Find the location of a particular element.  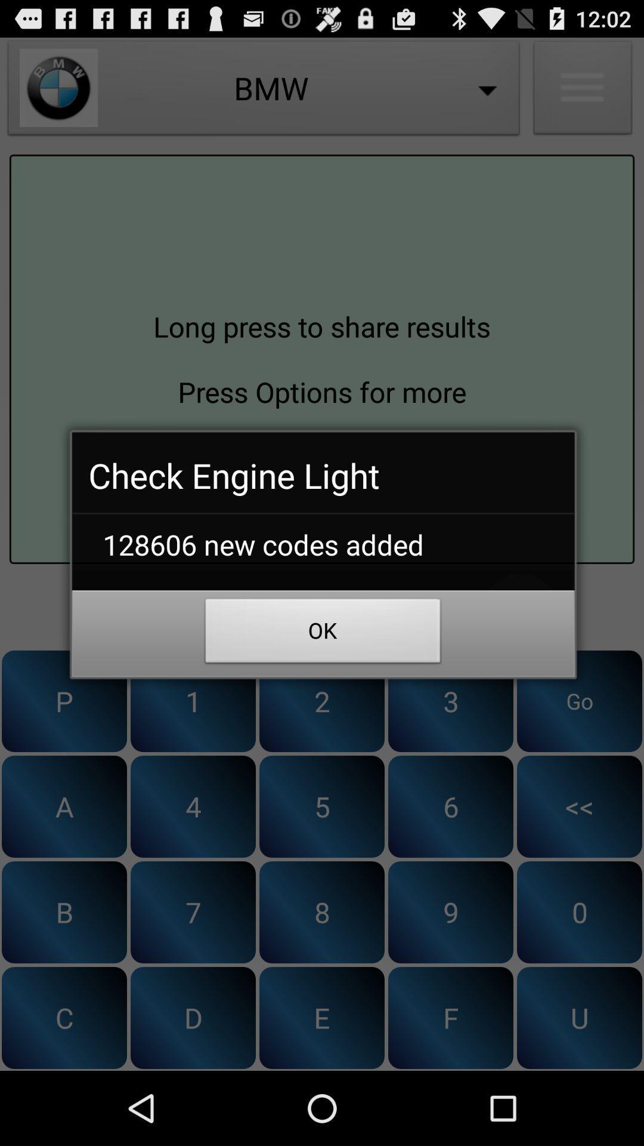

main menu is located at coordinates (582, 90).